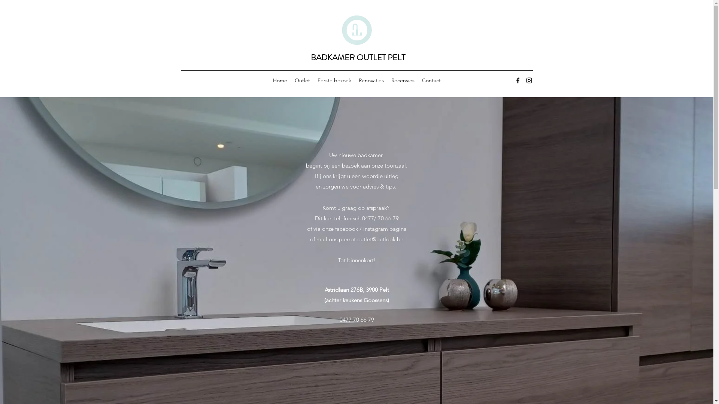  What do you see at coordinates (402, 80) in the screenshot?
I see `'Recensies'` at bounding box center [402, 80].